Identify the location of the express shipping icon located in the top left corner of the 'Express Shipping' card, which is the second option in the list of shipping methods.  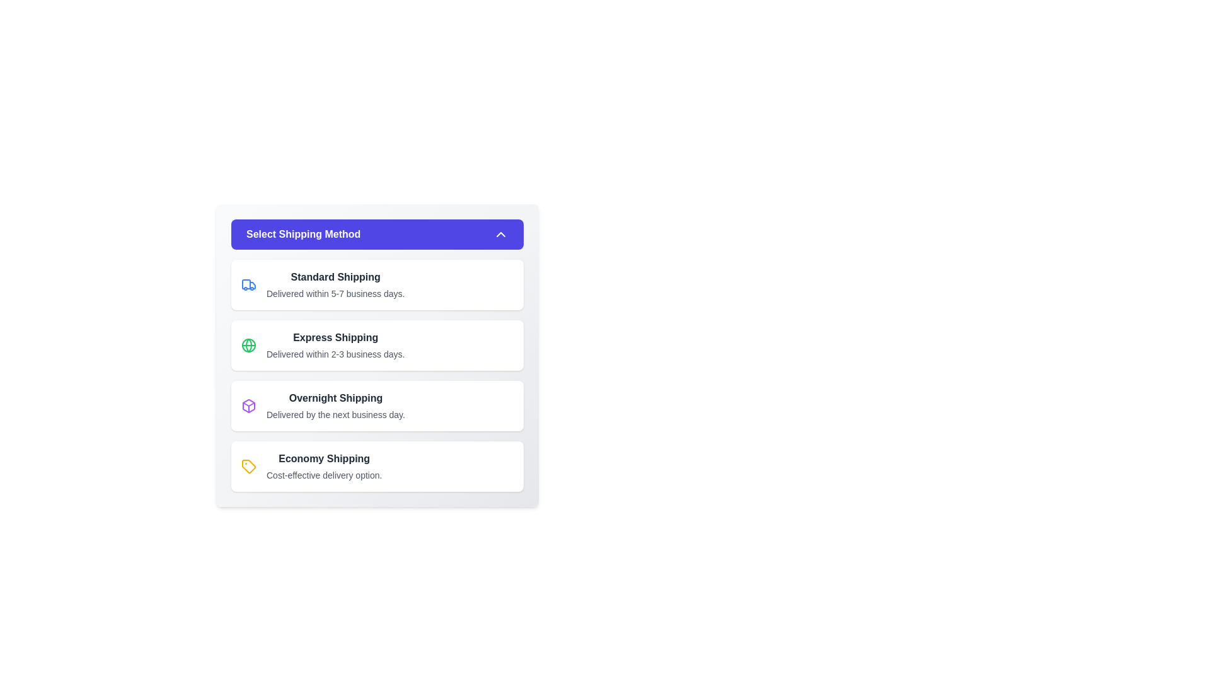
(248, 345).